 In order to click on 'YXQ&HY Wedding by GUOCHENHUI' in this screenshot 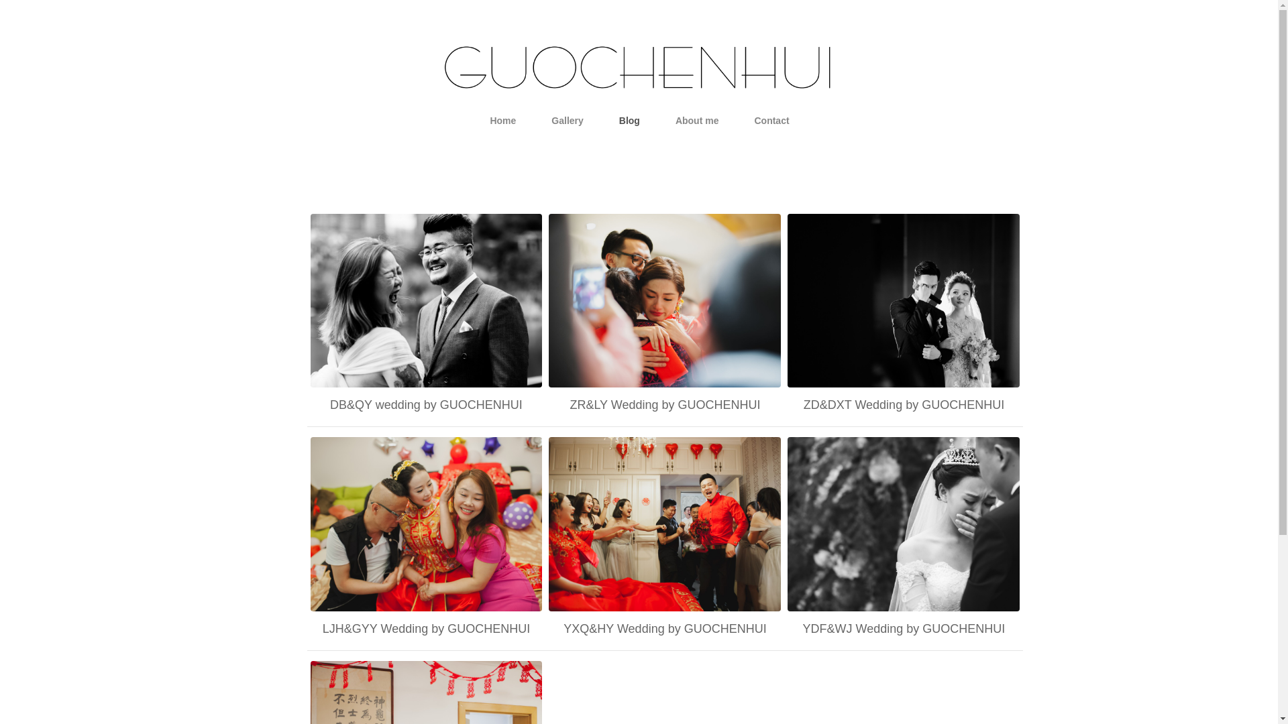, I will do `click(664, 628)`.